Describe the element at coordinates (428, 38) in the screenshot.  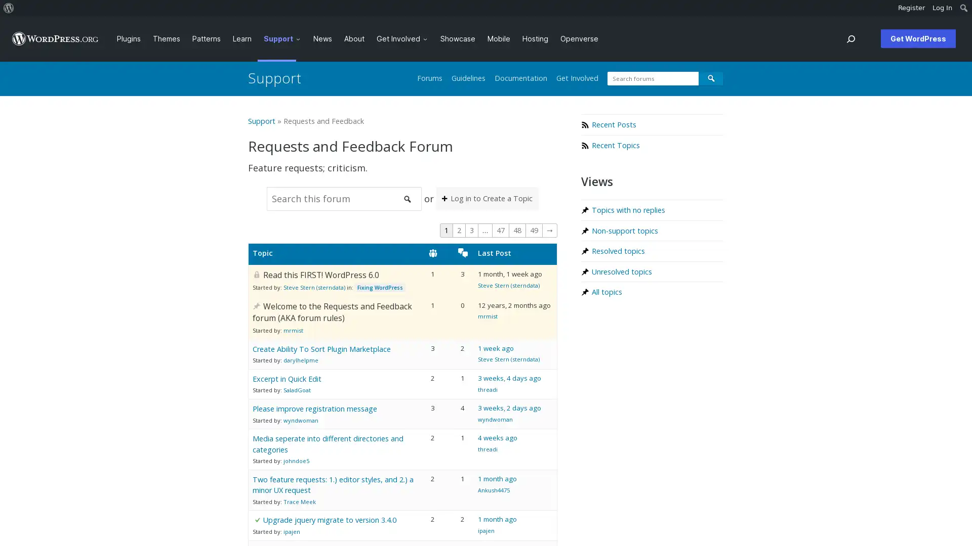
I see `Get Involved submenu` at that location.